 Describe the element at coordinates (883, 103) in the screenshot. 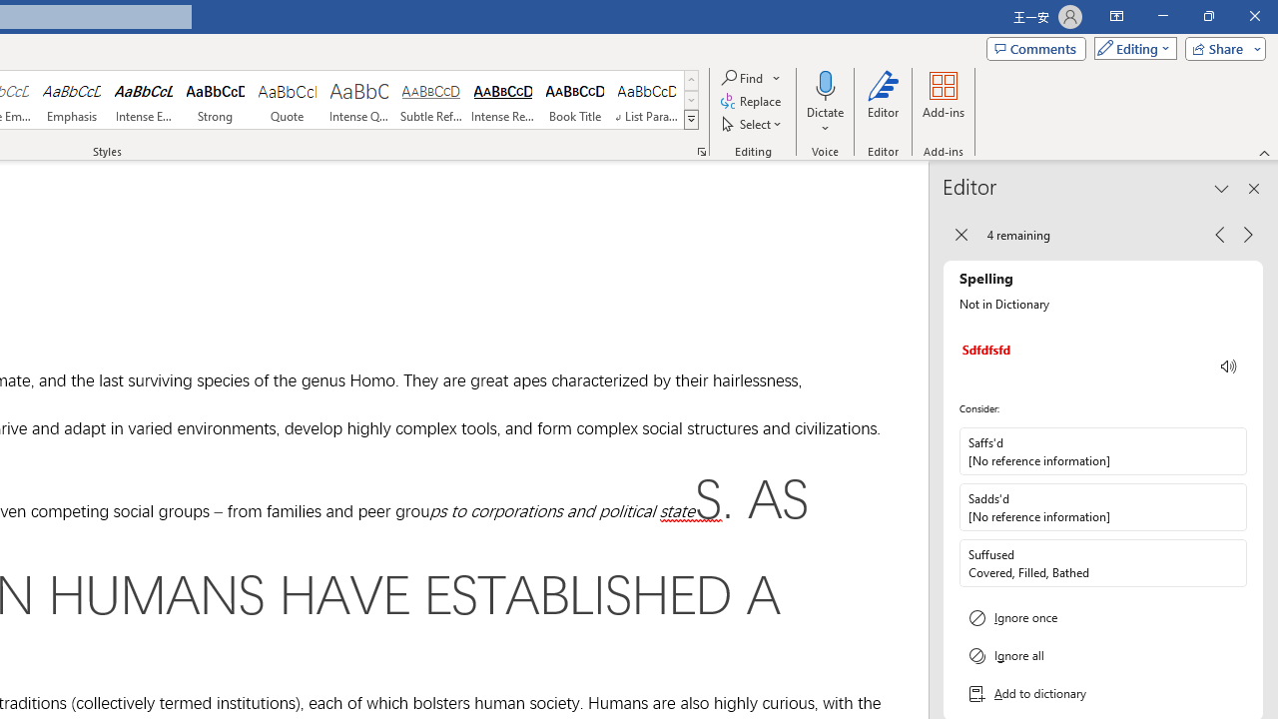

I see `'Editor'` at that location.